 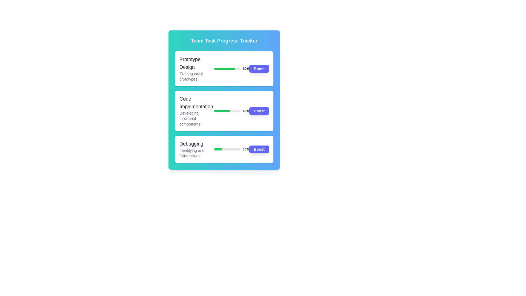 What do you see at coordinates (225, 68) in the screenshot?
I see `the green progress indicator that represents 80% completion of the 'Prototype Design' task, which is located at the top of the tasks list within a gray background progress bar` at bounding box center [225, 68].